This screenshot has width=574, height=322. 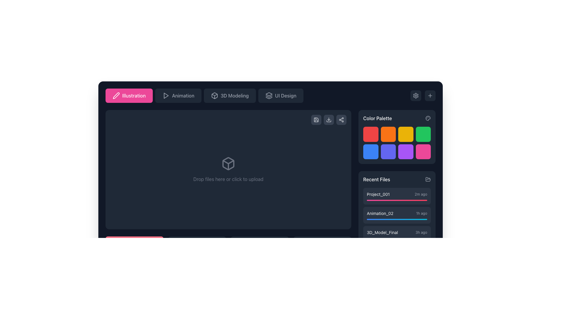 What do you see at coordinates (316, 120) in the screenshot?
I see `the save button located at the top right of the interface, which is the first button in a row of three` at bounding box center [316, 120].